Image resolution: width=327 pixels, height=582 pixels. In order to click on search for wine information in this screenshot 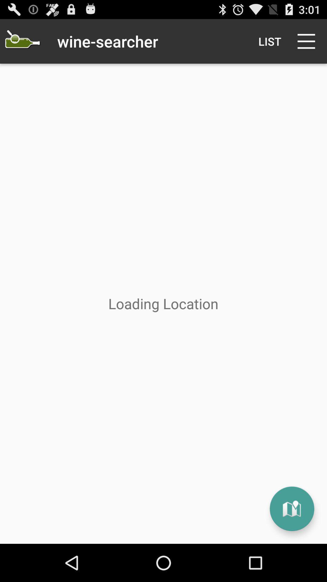, I will do `click(22, 41)`.